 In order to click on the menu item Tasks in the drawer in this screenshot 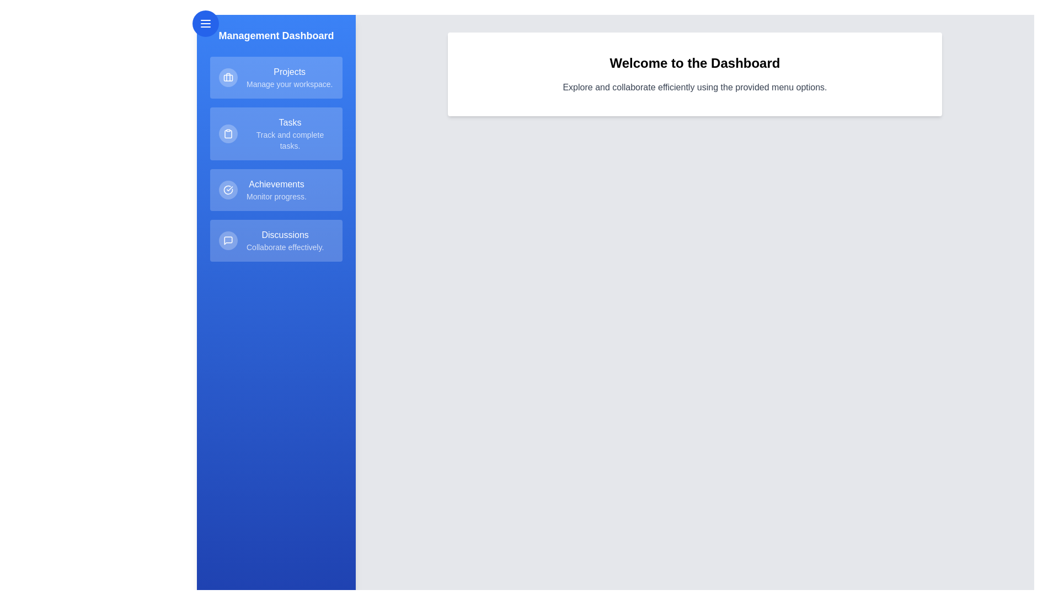, I will do `click(276, 133)`.